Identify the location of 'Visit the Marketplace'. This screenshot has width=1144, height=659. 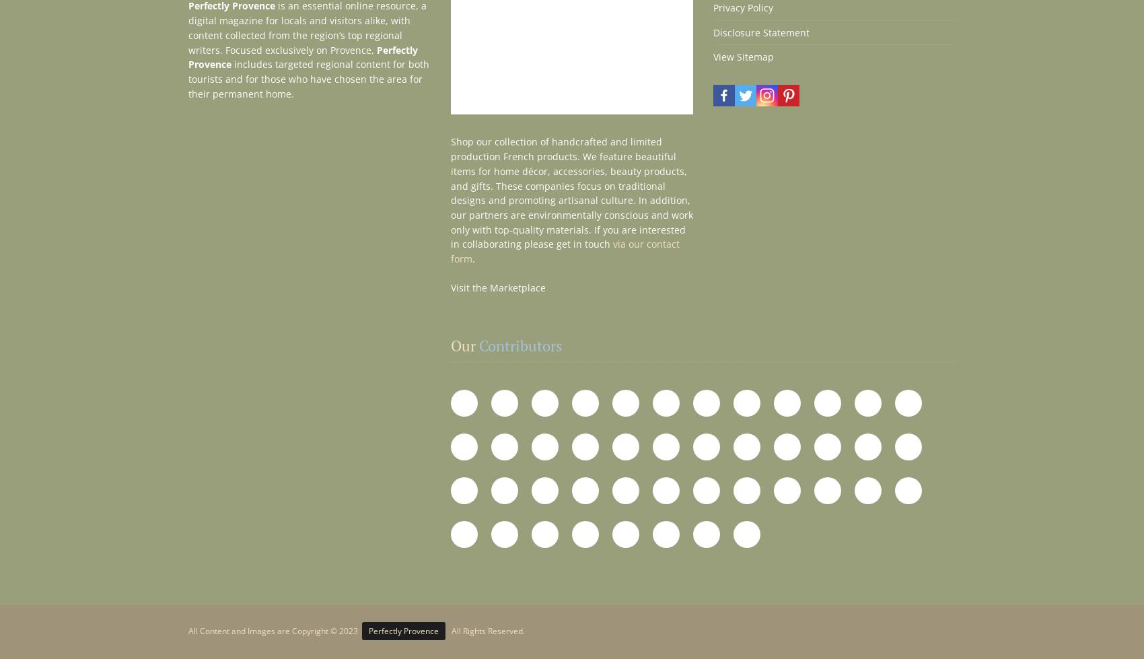
(498, 287).